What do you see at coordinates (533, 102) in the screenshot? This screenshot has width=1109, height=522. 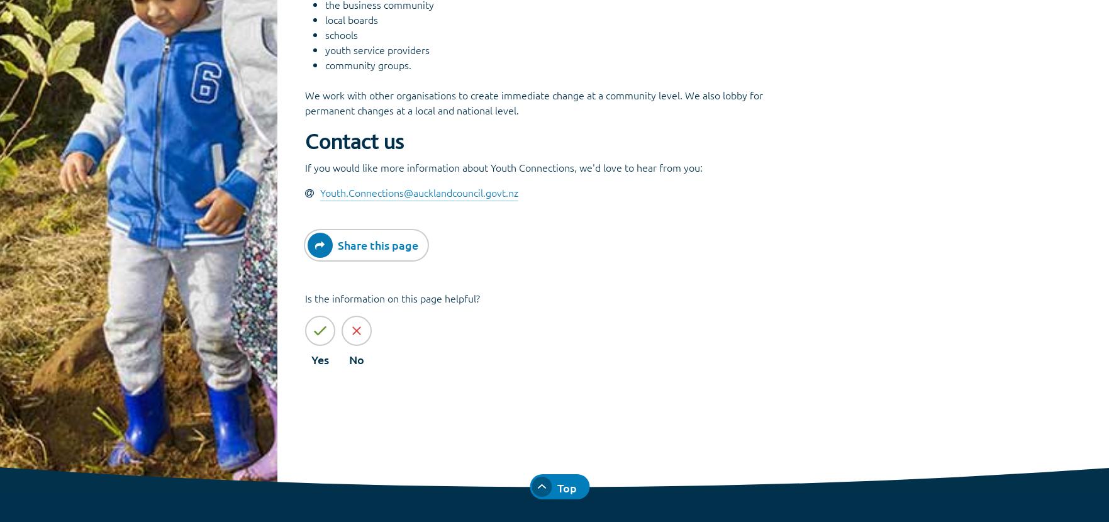 I see `'We work with other organisations to create immediate change at a community level. We also lobby for permanent changes at a local and national level.'` at bounding box center [533, 102].